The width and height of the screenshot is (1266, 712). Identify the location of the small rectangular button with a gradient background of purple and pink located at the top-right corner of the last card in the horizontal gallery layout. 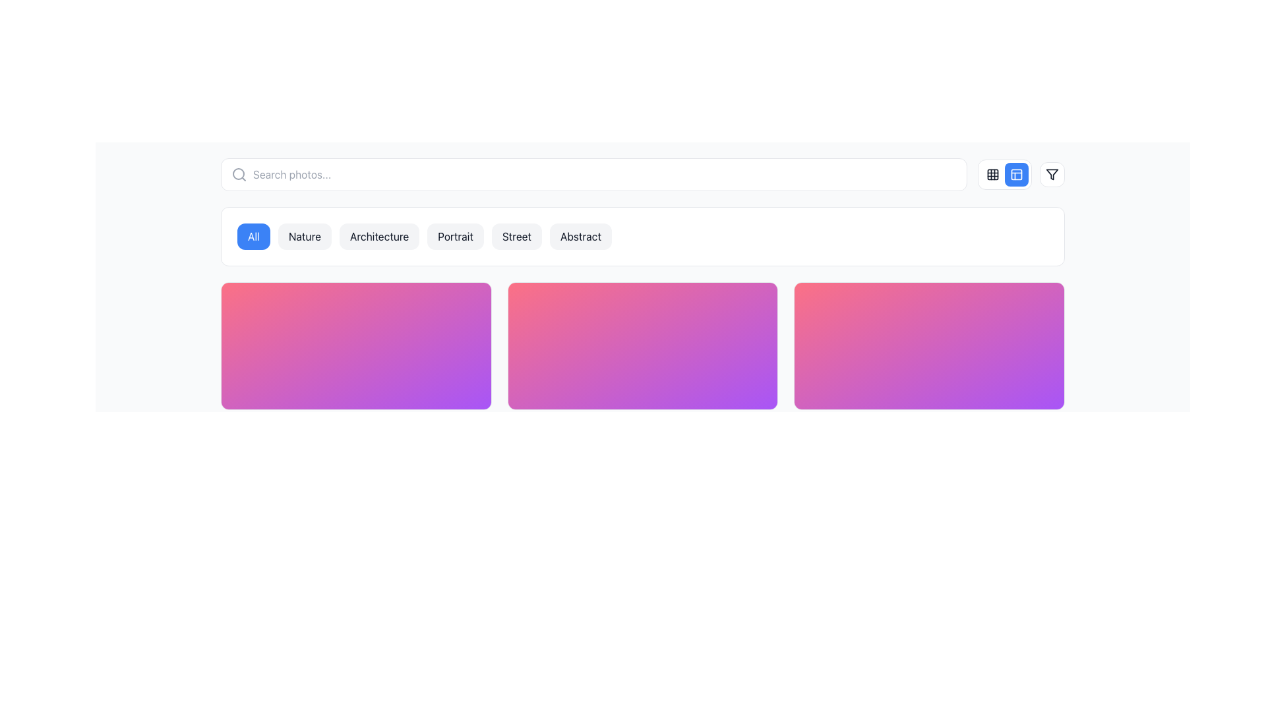
(1013, 305).